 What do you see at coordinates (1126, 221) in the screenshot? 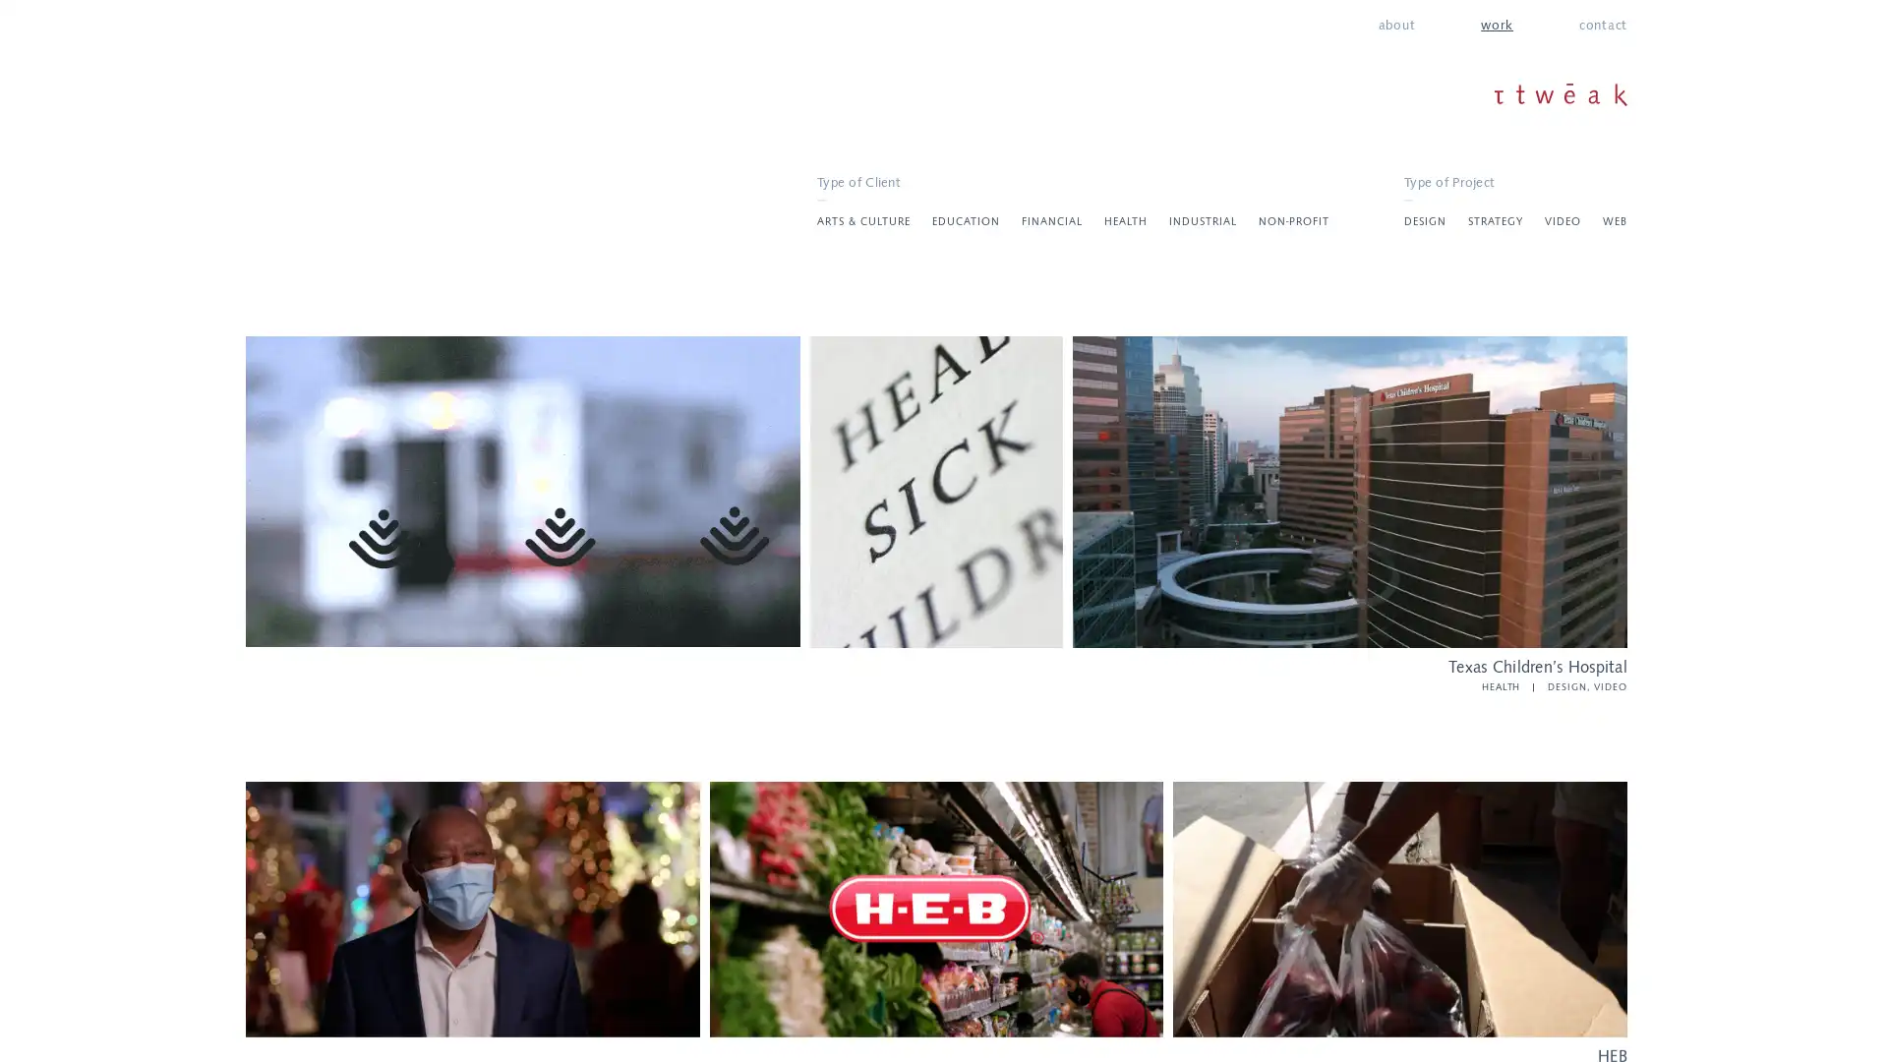
I see `HEALTH` at bounding box center [1126, 221].